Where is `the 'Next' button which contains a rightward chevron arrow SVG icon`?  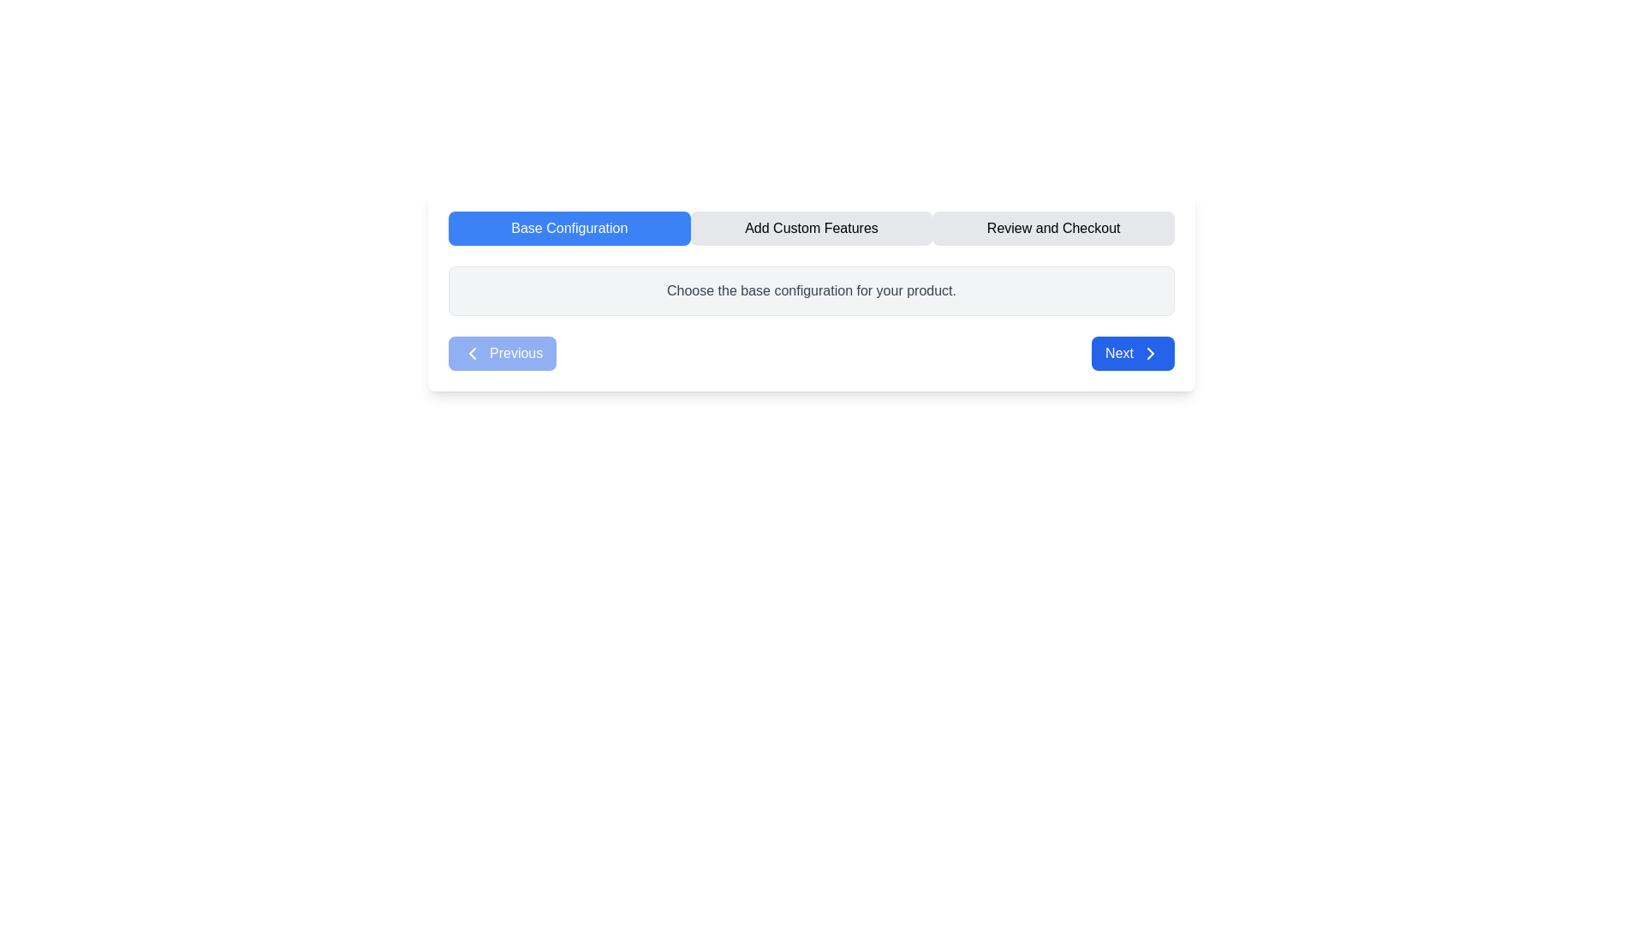 the 'Next' button which contains a rightward chevron arrow SVG icon is located at coordinates (1151, 352).